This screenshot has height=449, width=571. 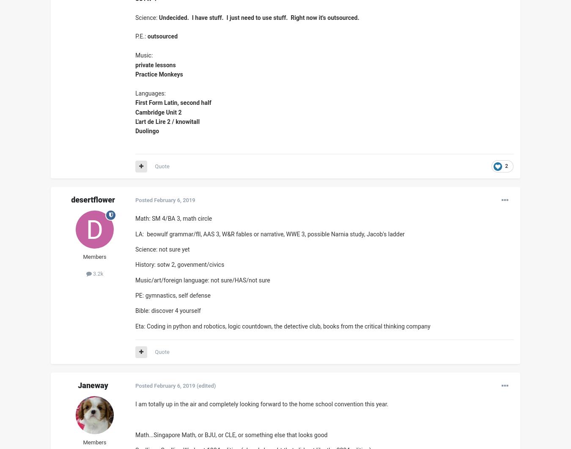 I want to click on 'Practice Monkeys', so click(x=135, y=74).